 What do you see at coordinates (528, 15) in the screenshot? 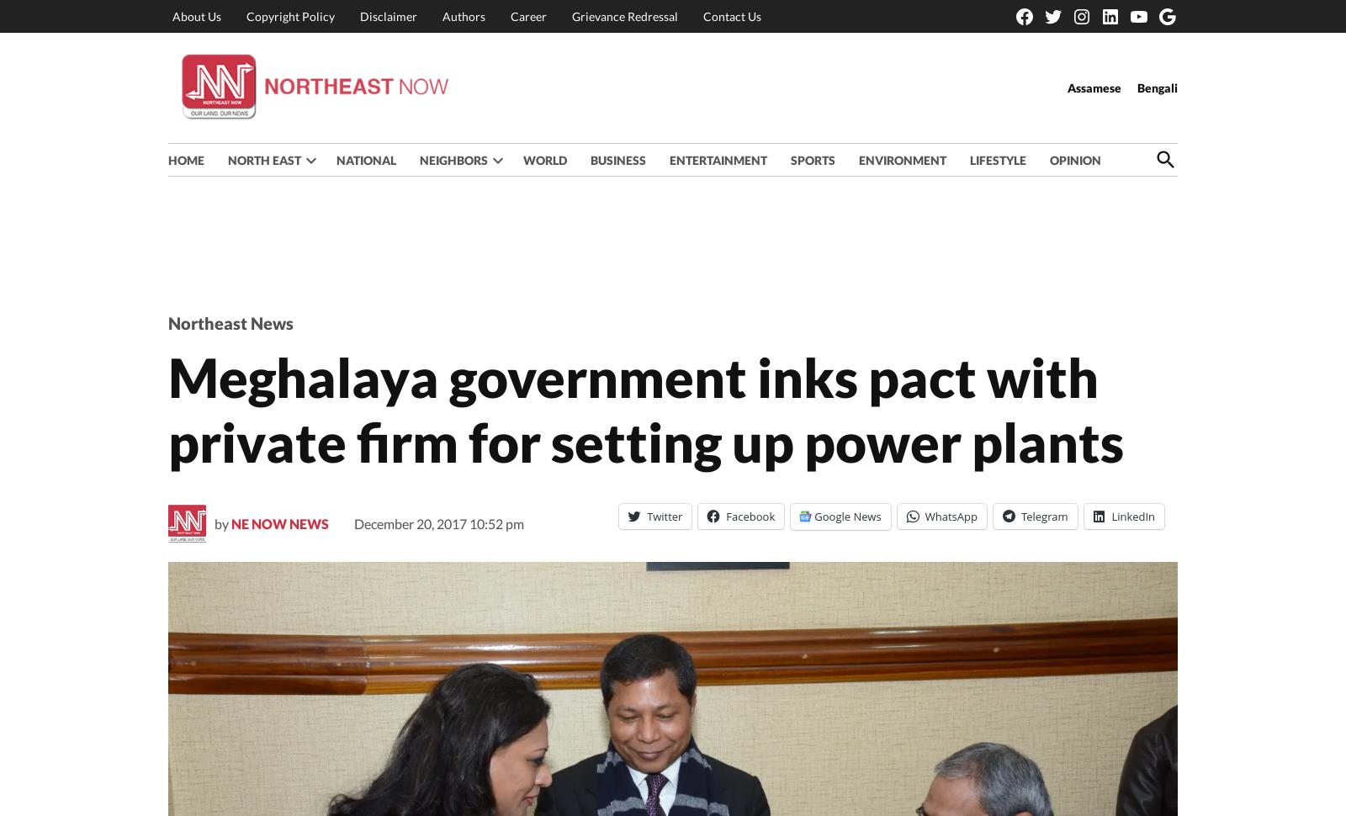
I see `'Career'` at bounding box center [528, 15].